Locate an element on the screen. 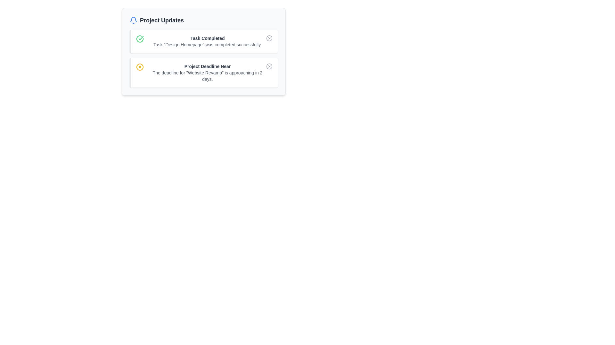 This screenshot has width=615, height=345. information displayed in the Text Label that states 'Task "Design Homepage" was completed successfully.' is located at coordinates (208, 44).